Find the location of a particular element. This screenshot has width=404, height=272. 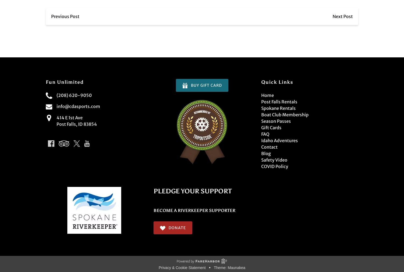

'PLEDGE YOUR SUPPORT' is located at coordinates (153, 190).